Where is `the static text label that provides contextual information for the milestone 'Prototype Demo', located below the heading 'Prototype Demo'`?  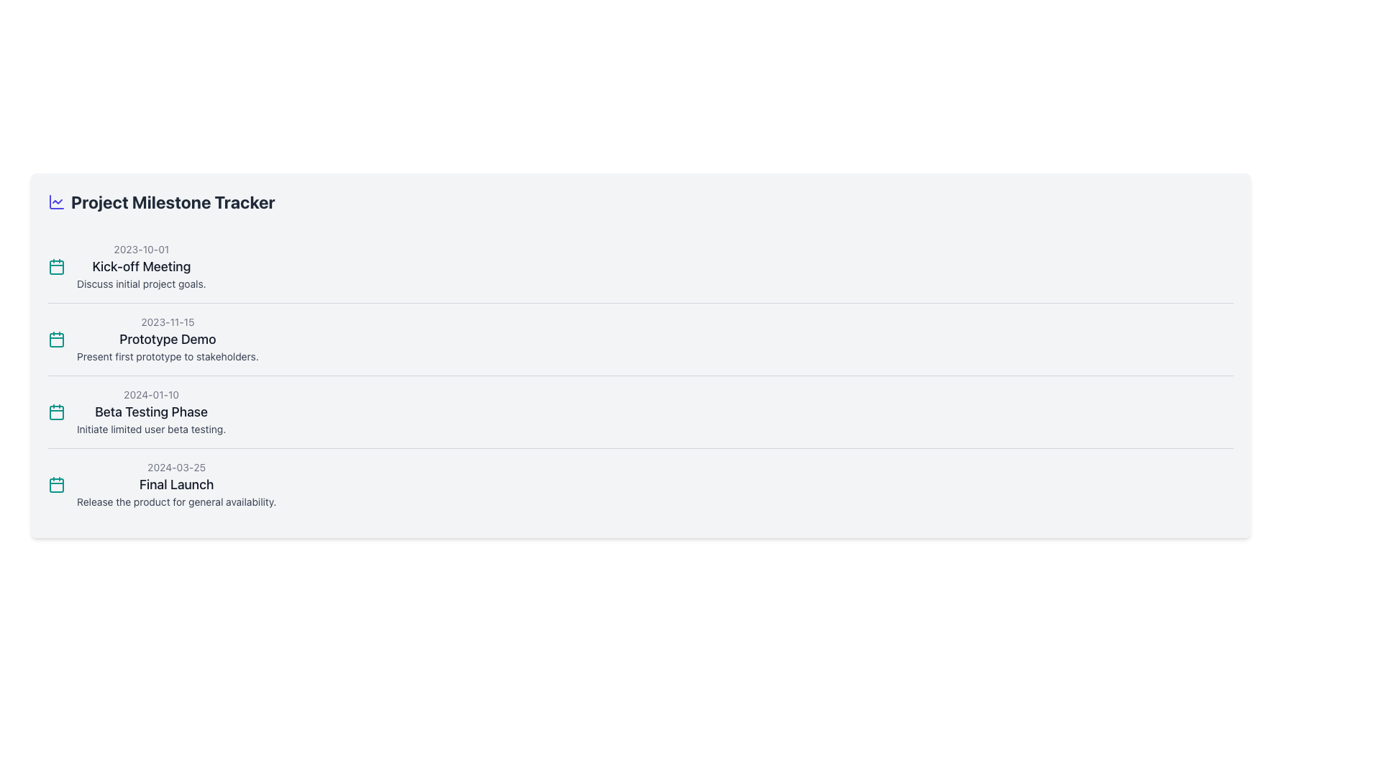 the static text label that provides contextual information for the milestone 'Prototype Demo', located below the heading 'Prototype Demo' is located at coordinates (168, 356).